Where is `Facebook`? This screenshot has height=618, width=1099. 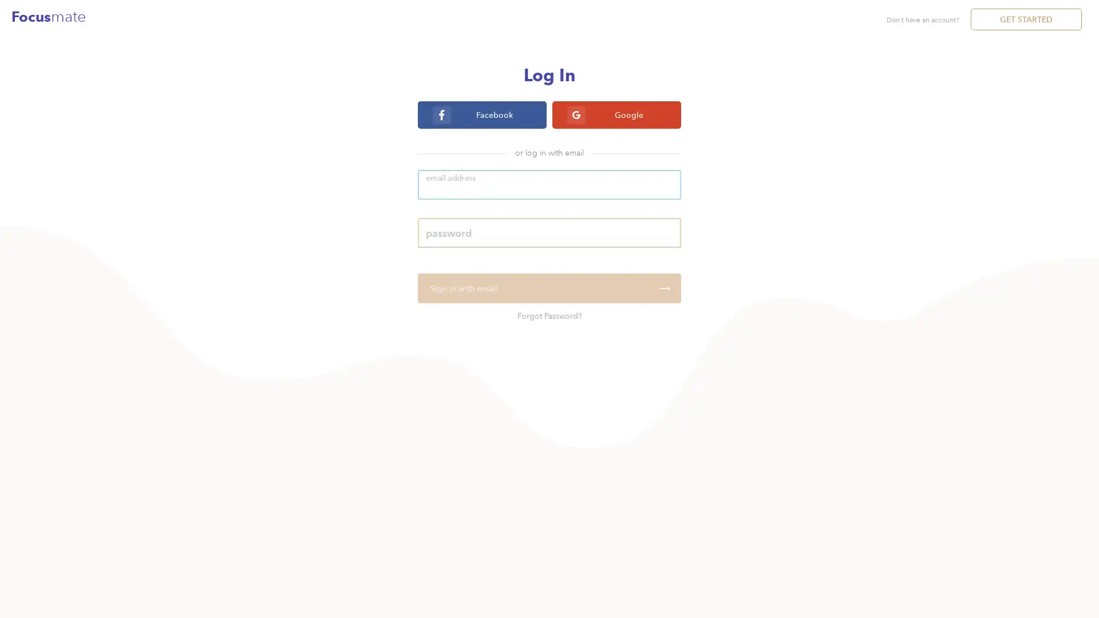
Facebook is located at coordinates (482, 114).